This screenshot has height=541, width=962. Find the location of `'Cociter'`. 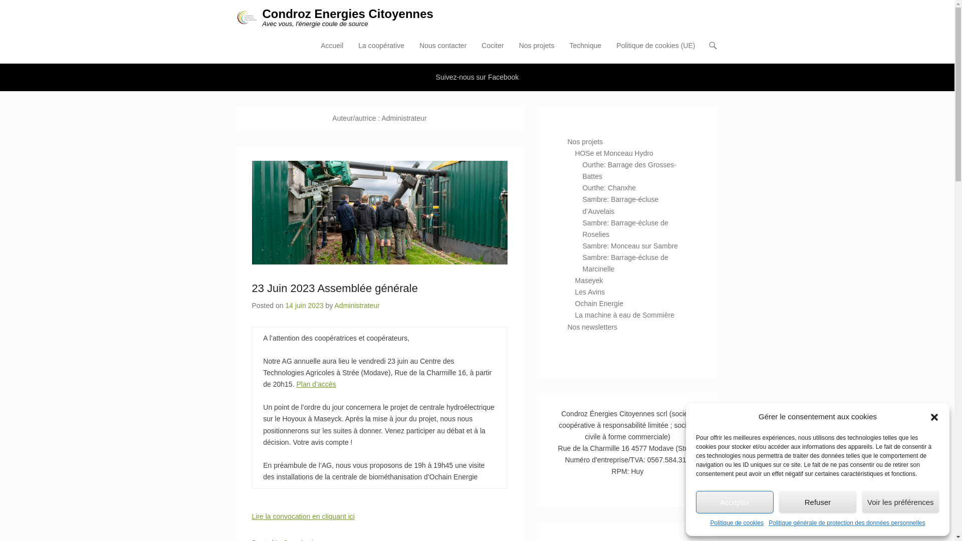

'Cociter' is located at coordinates (475, 52).